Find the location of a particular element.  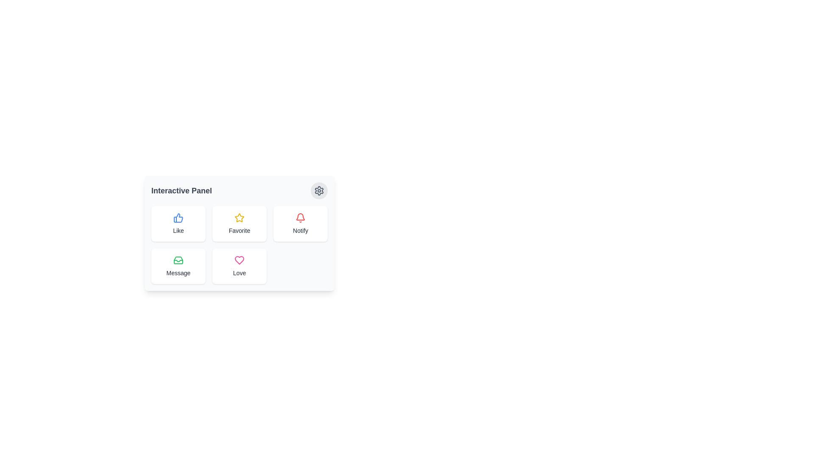

the text label that describes the button related to the heart icon, located in the lower-right widget of the grid layout, directly below the pink heart icon is located at coordinates (239, 273).